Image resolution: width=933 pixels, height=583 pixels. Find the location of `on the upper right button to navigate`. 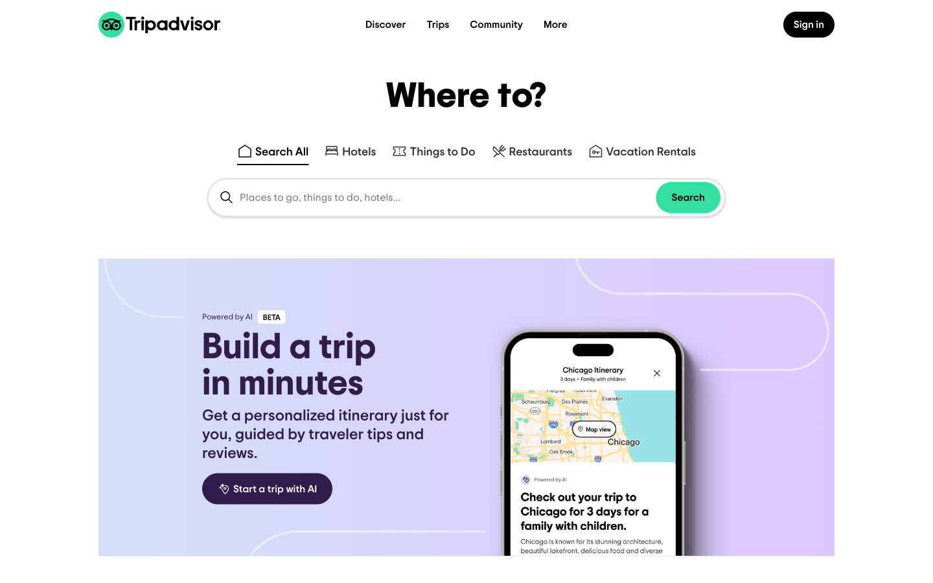

on the upper right button to navigate is located at coordinates (808, 18).